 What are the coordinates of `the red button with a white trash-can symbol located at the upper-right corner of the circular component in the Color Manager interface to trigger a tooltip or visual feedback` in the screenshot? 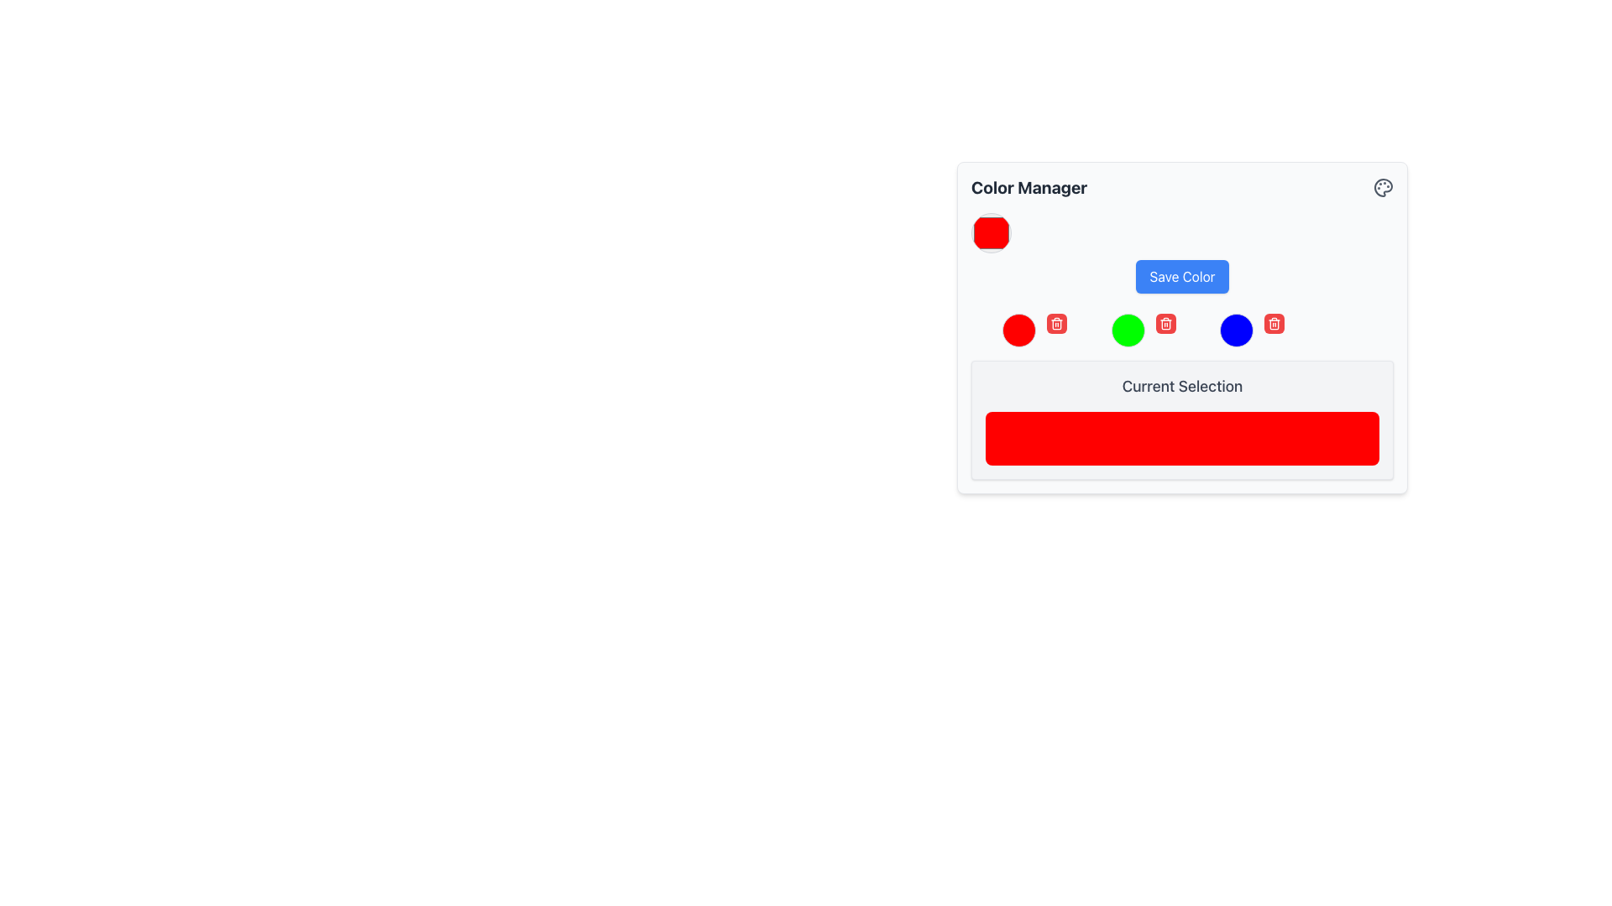 It's located at (1055, 323).